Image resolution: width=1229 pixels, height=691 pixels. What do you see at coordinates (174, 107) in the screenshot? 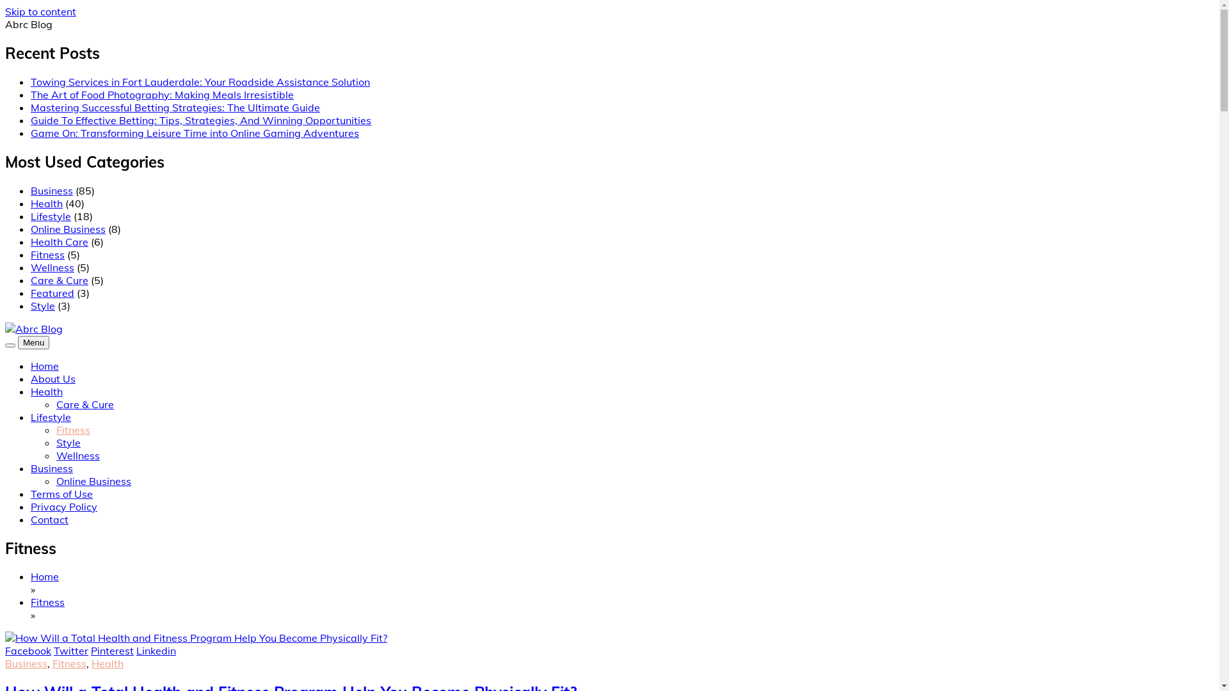
I see `'Mastering Successful Betting Strategies: The Ultimate Guide'` at bounding box center [174, 107].